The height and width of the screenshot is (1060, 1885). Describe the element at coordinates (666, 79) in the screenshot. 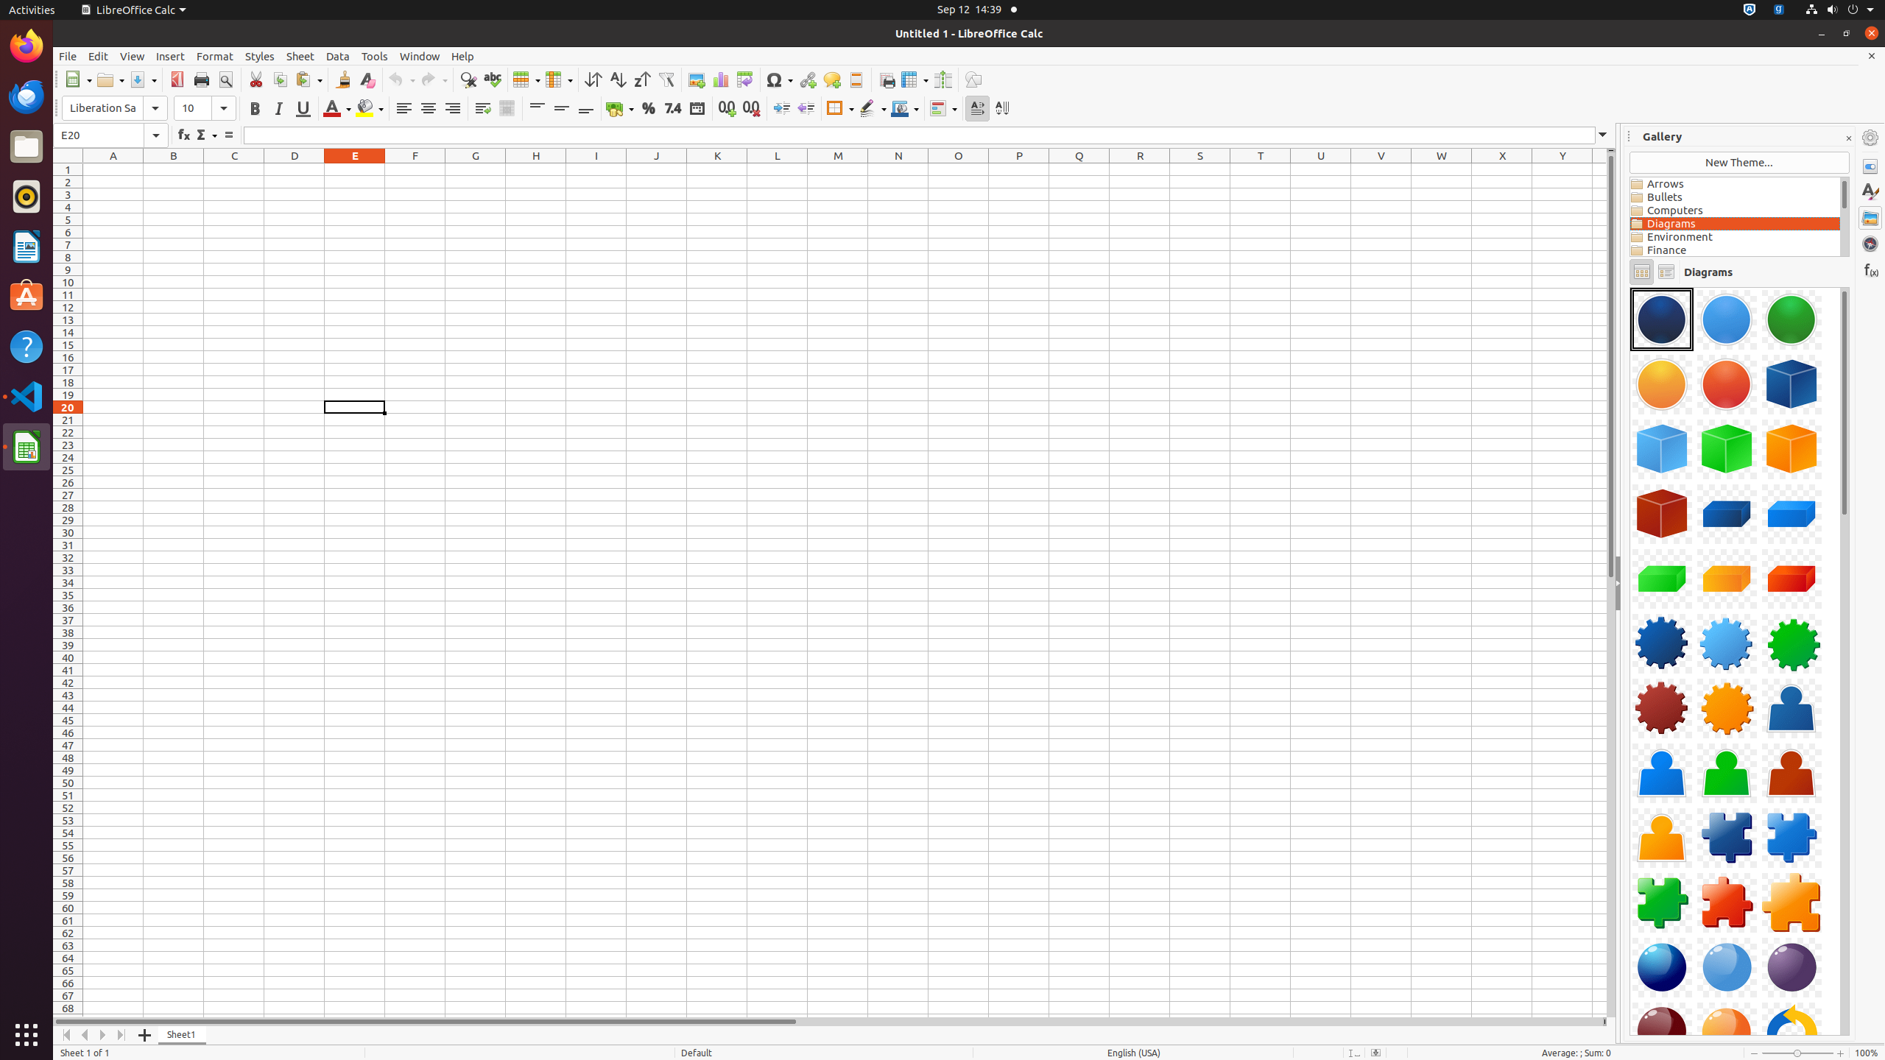

I see `'AutoFilter'` at that location.